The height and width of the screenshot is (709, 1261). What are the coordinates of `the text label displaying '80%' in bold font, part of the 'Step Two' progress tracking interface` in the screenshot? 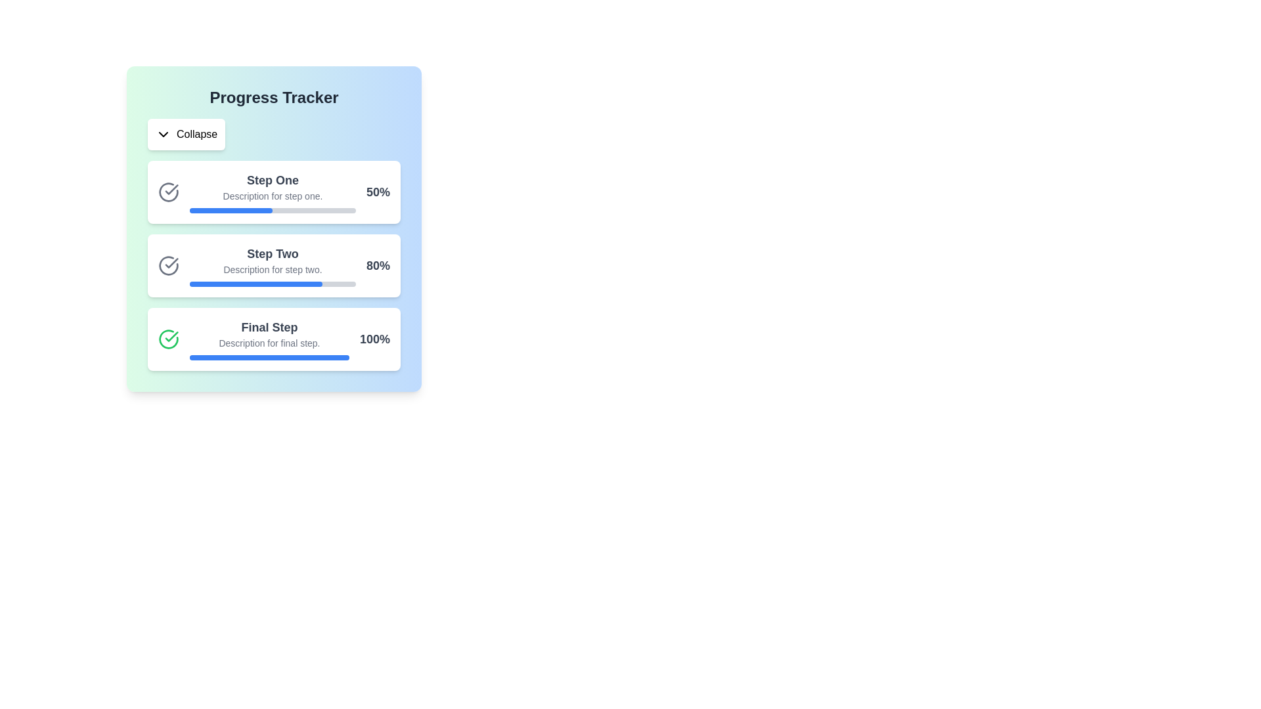 It's located at (378, 266).